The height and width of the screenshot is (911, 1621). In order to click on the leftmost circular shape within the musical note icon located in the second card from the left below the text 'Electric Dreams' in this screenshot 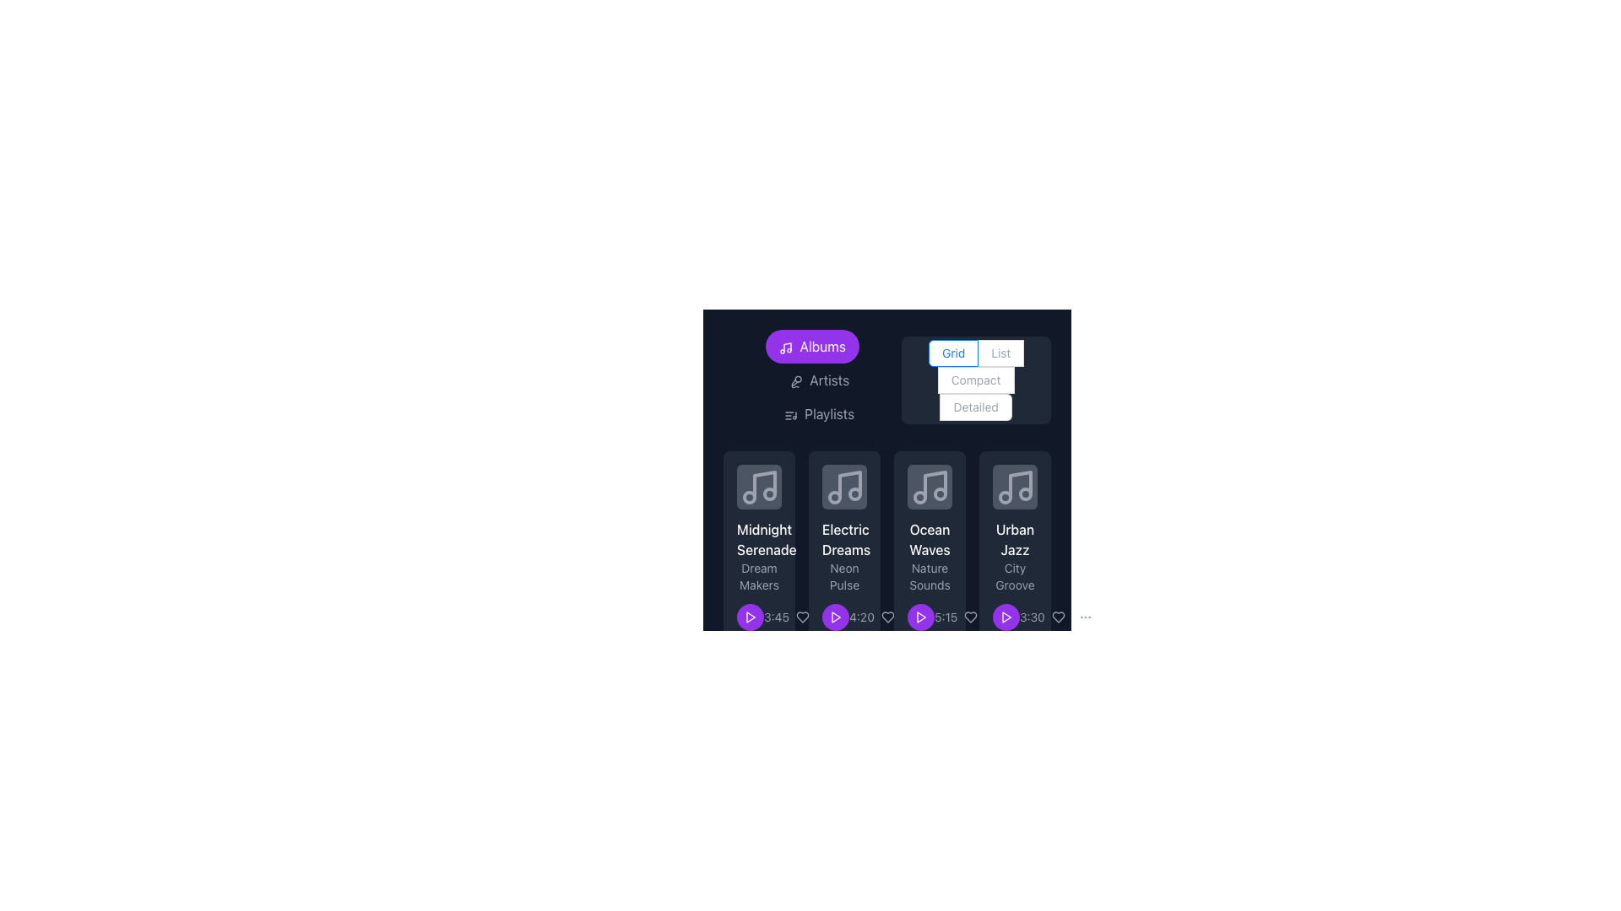, I will do `click(834, 496)`.